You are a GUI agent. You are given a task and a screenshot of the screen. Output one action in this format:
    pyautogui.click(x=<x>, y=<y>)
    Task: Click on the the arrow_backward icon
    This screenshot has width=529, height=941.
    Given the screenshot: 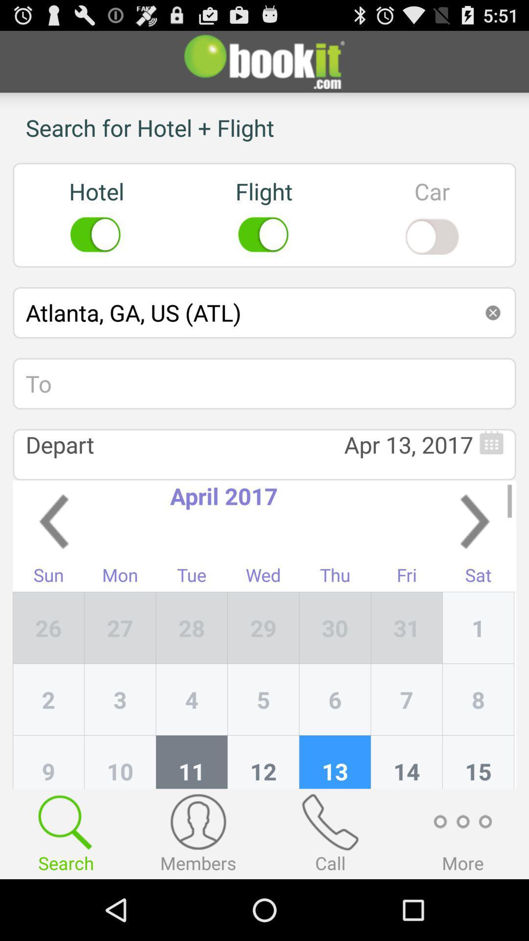 What is the action you would take?
    pyautogui.click(x=54, y=558)
    